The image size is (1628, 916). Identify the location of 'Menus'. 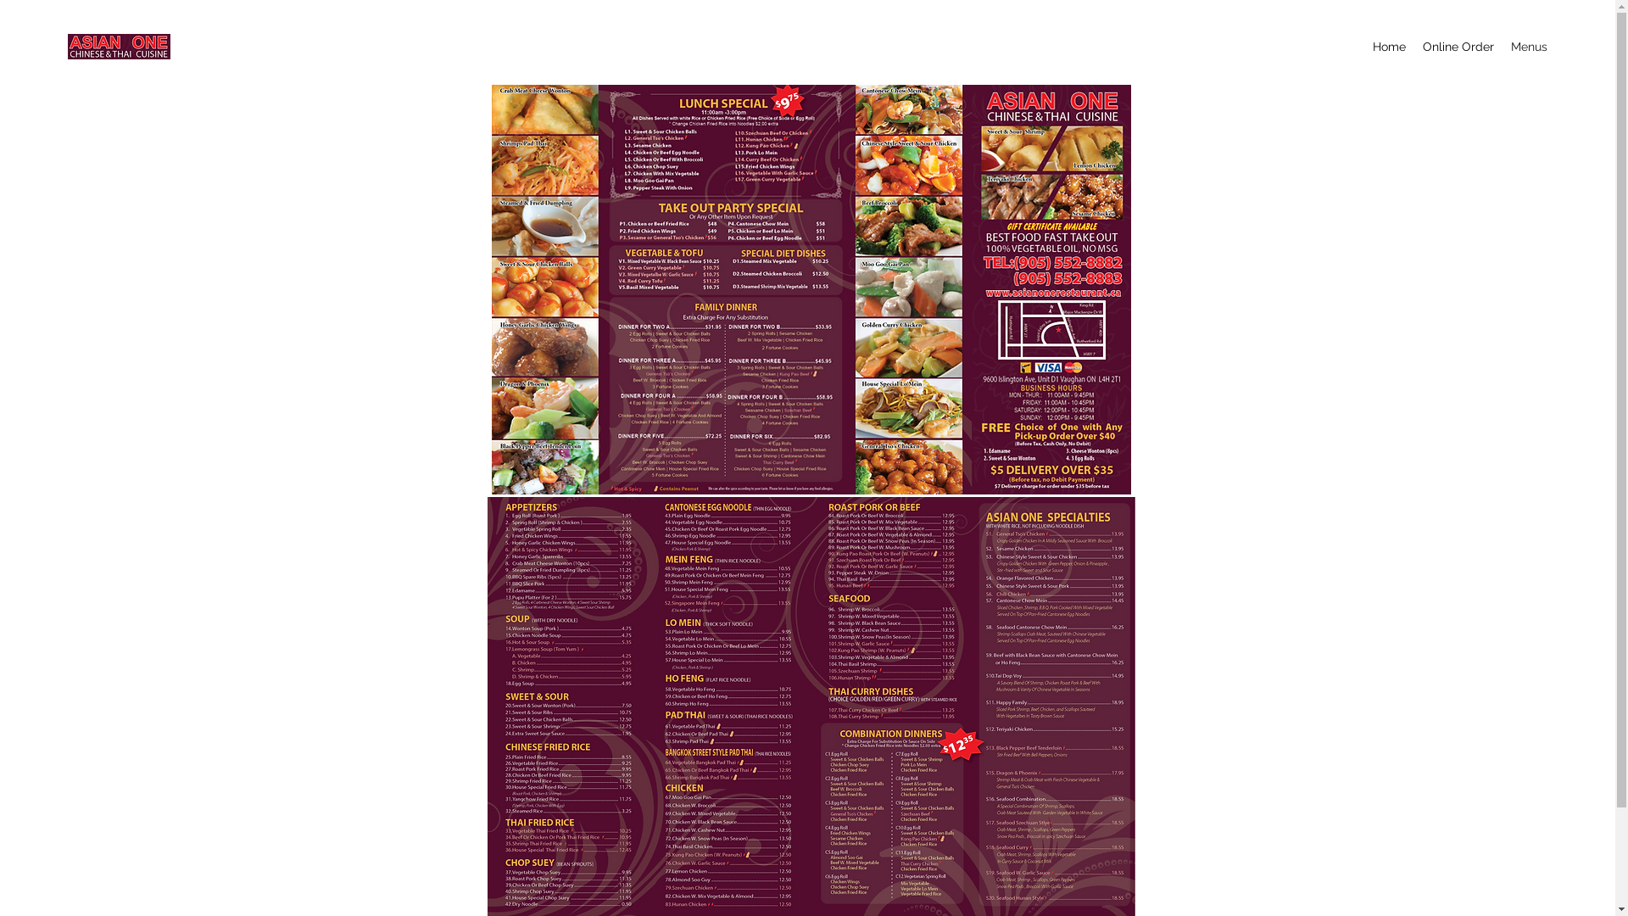
(806, 252).